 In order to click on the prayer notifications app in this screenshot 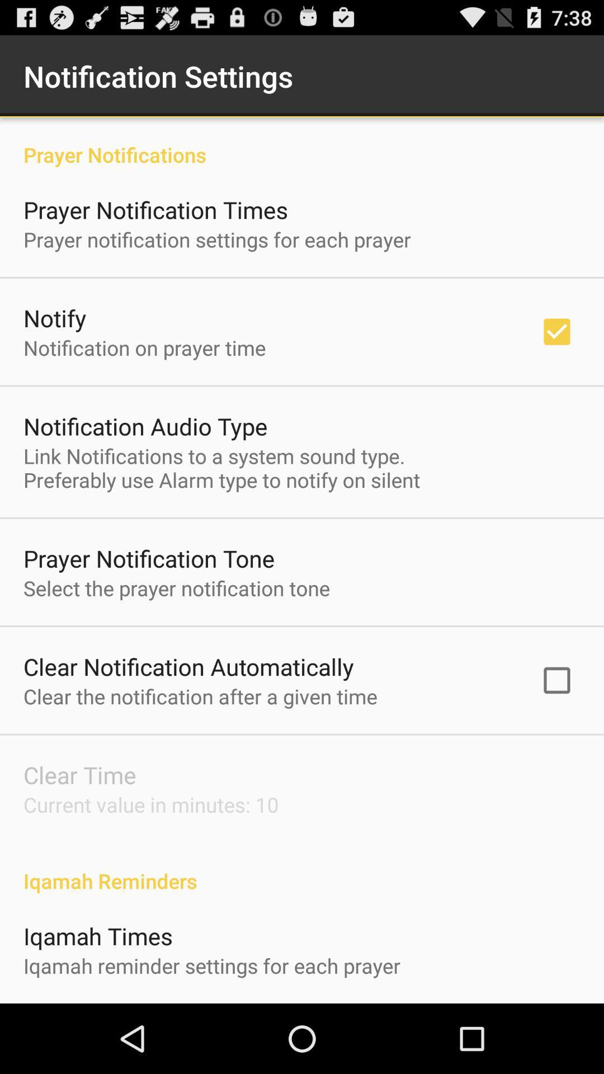, I will do `click(302, 142)`.